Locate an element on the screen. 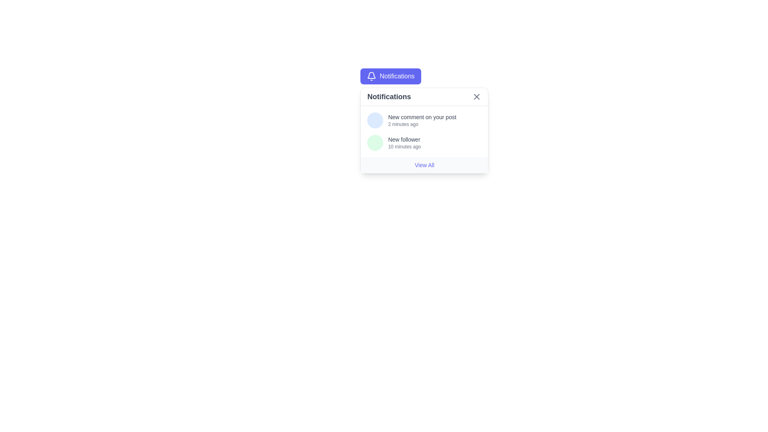  notification containing the text 'New comment on your post' located in the upper-right notification area, positioned next to a circular icon is located at coordinates (422, 120).